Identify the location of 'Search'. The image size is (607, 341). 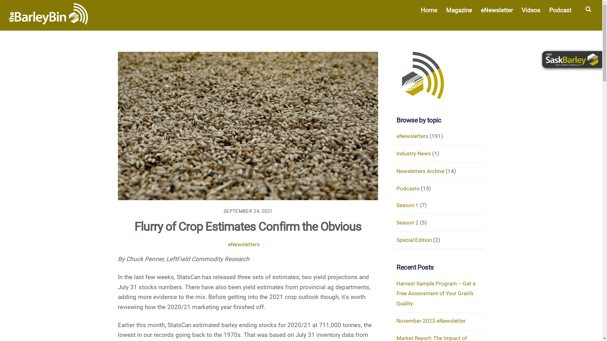
(588, 11).